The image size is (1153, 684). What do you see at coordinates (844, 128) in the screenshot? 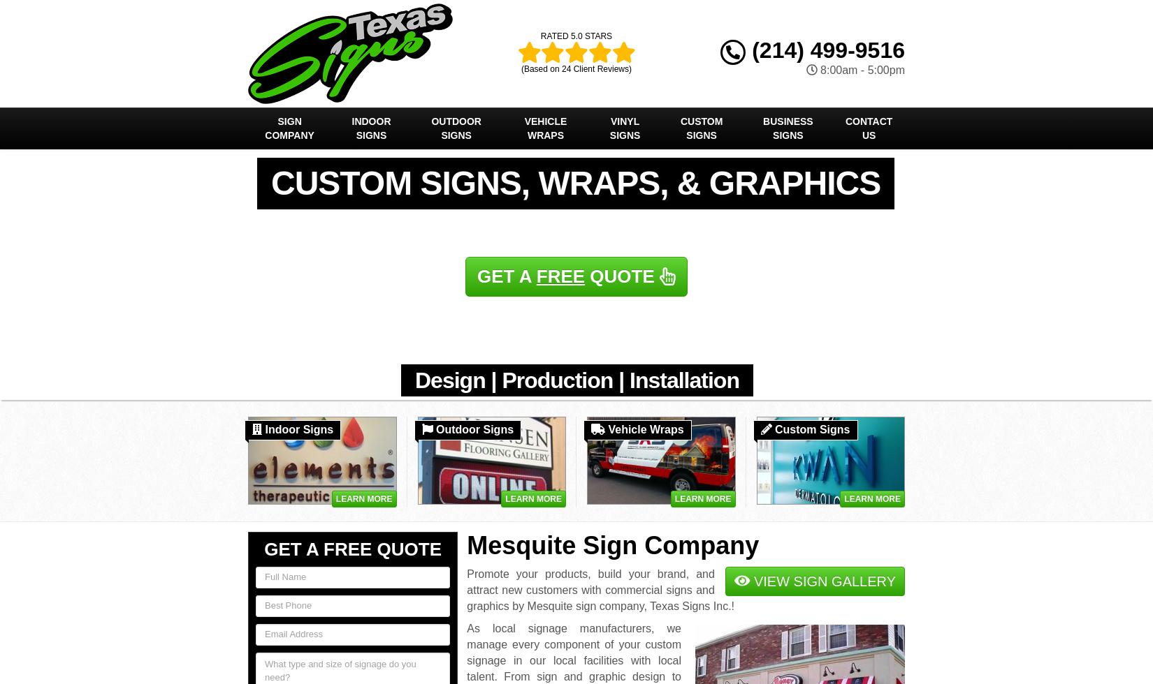
I see `'Contact Us'` at bounding box center [844, 128].